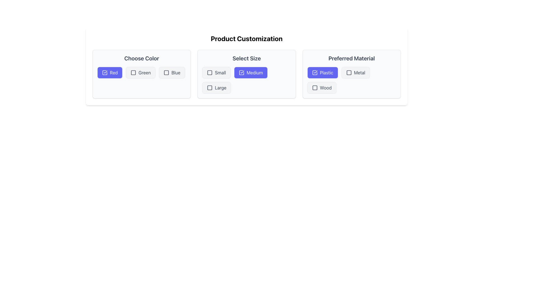 Image resolution: width=537 pixels, height=302 pixels. What do you see at coordinates (315, 72) in the screenshot?
I see `the Checkbox indicator representing the selected state for the 'Plastic' option in the 'Preferred Material' section of the interface` at bounding box center [315, 72].